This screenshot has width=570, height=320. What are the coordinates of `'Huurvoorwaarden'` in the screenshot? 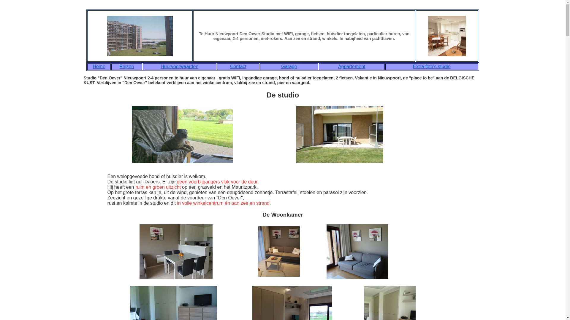 It's located at (179, 66).